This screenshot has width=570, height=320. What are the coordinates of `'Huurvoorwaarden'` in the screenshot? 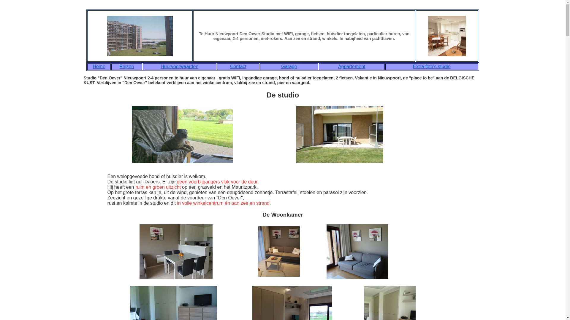 It's located at (179, 66).